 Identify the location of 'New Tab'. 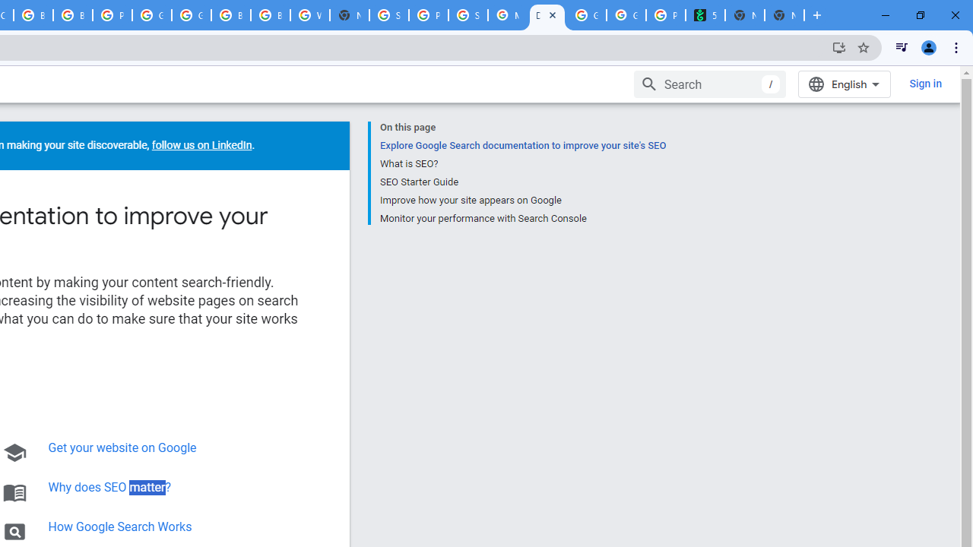
(784, 15).